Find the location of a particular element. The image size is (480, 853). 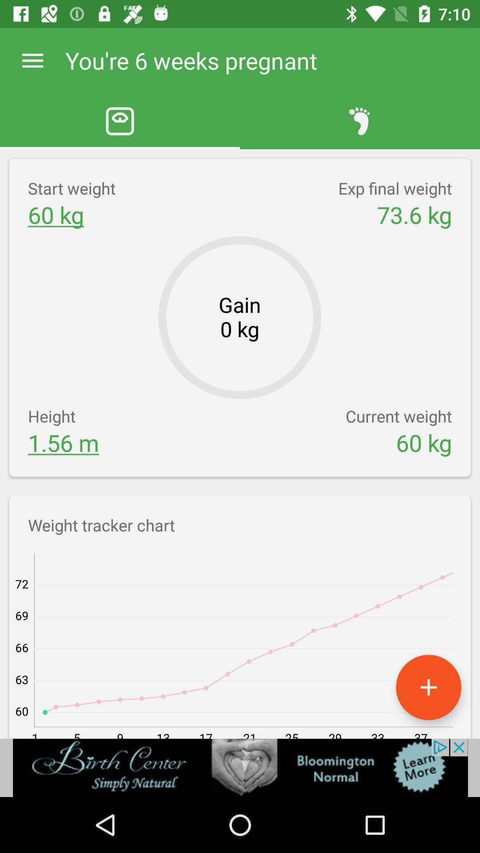

maximize button is located at coordinates (428, 687).